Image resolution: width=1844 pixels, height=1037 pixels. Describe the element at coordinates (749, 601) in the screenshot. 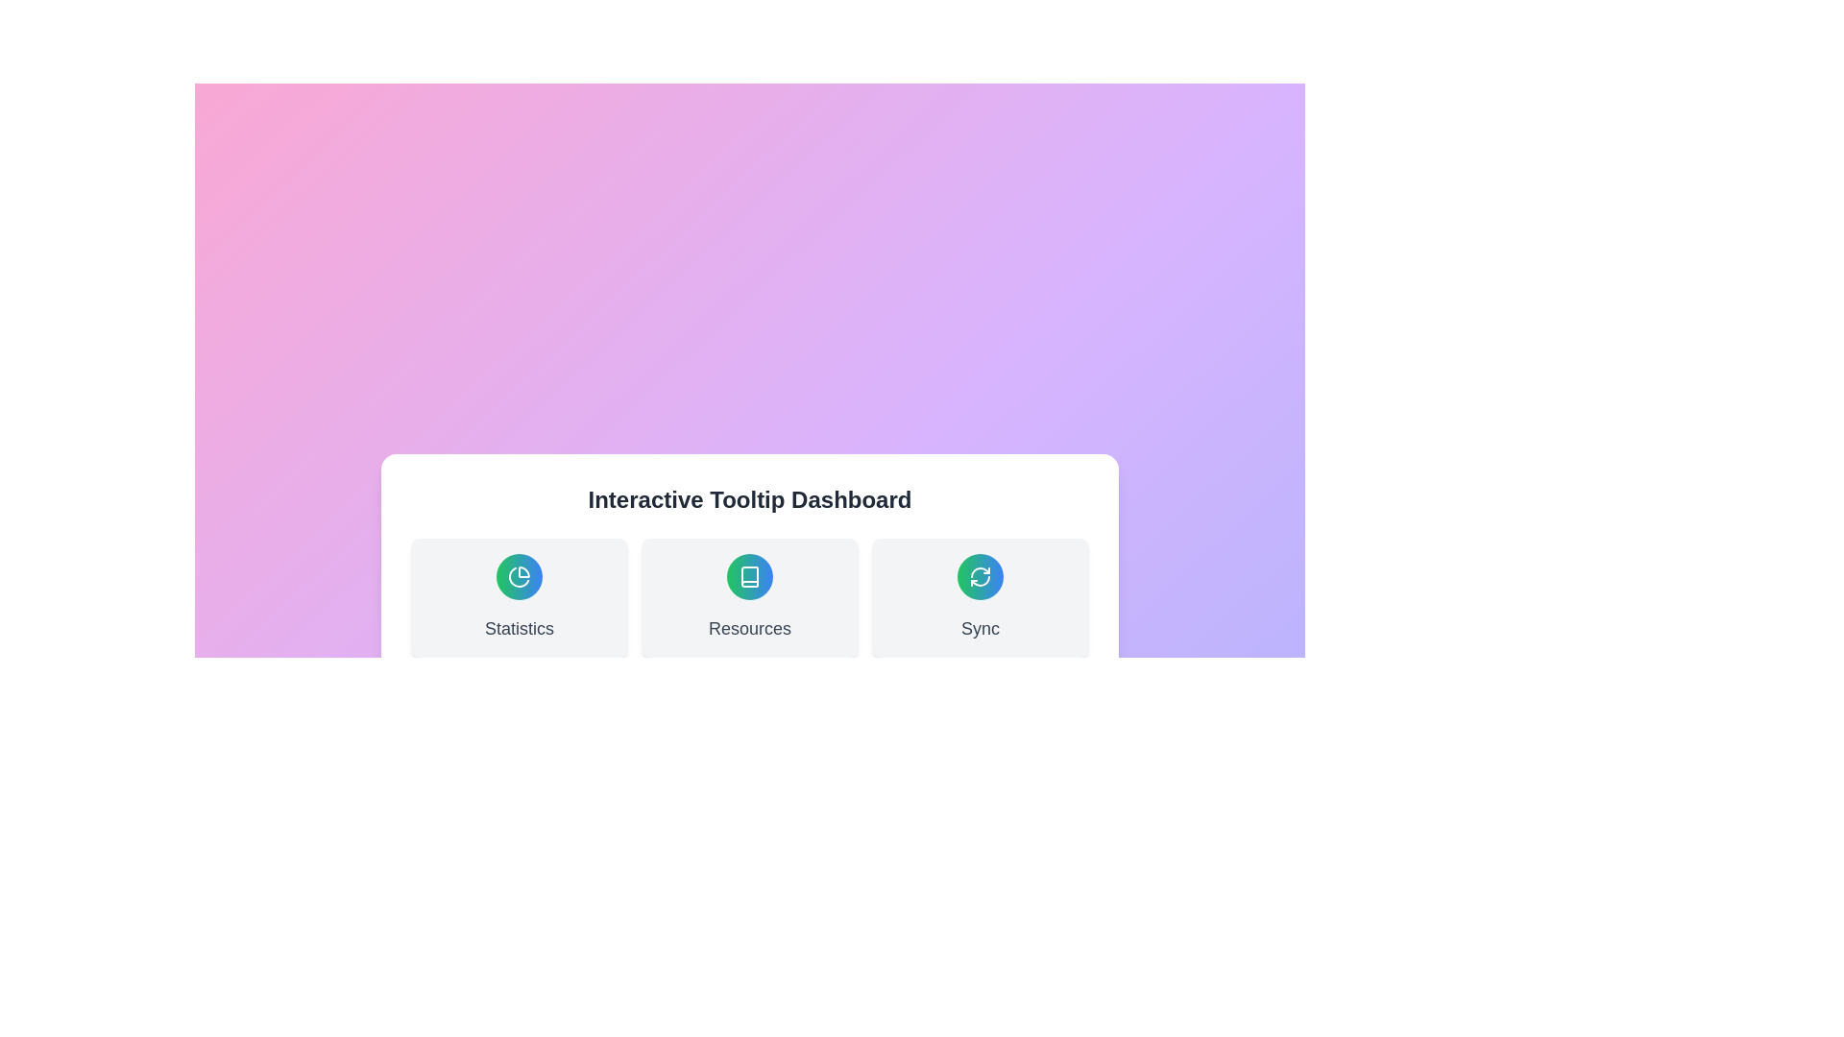

I see `the interactive card with an icon and label, which is the second card in a row of three, to trigger a tooltip` at that location.